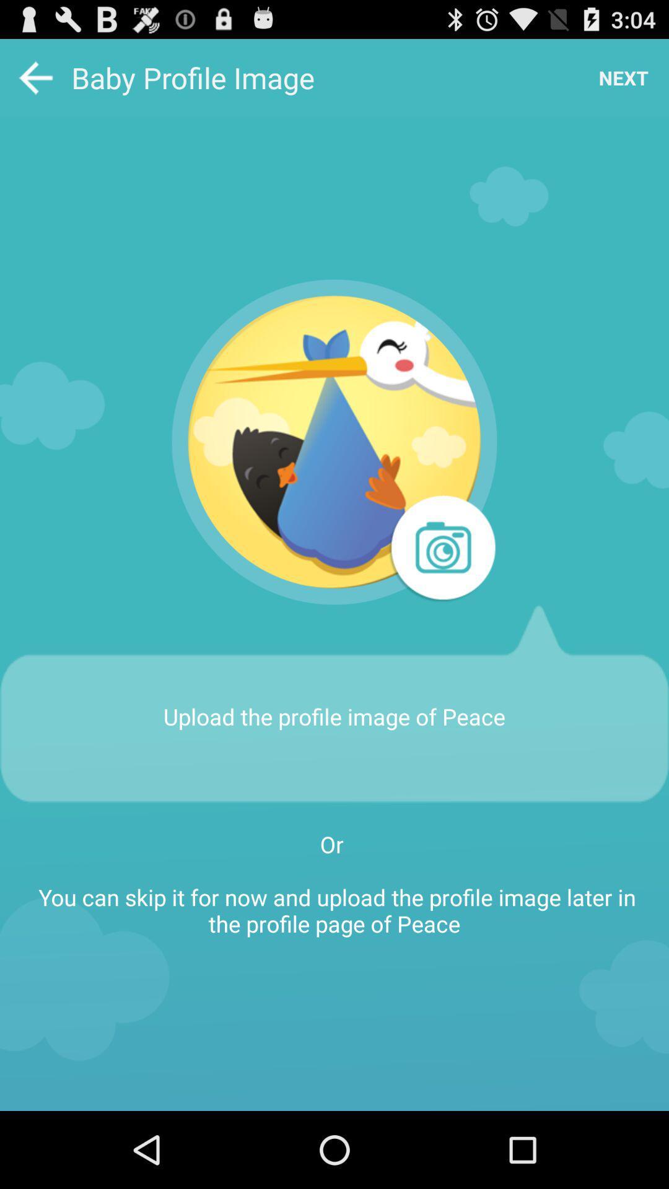 The image size is (669, 1189). Describe the element at coordinates (623, 77) in the screenshot. I see `the icon at the top right corner` at that location.